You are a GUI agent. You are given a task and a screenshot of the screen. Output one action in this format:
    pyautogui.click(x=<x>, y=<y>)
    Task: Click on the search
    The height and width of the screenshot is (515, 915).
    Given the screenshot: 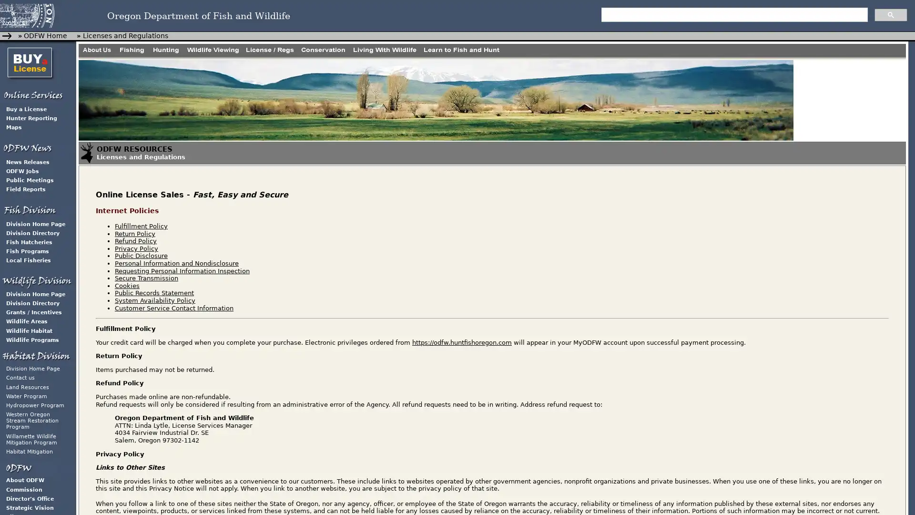 What is the action you would take?
    pyautogui.click(x=890, y=14)
    